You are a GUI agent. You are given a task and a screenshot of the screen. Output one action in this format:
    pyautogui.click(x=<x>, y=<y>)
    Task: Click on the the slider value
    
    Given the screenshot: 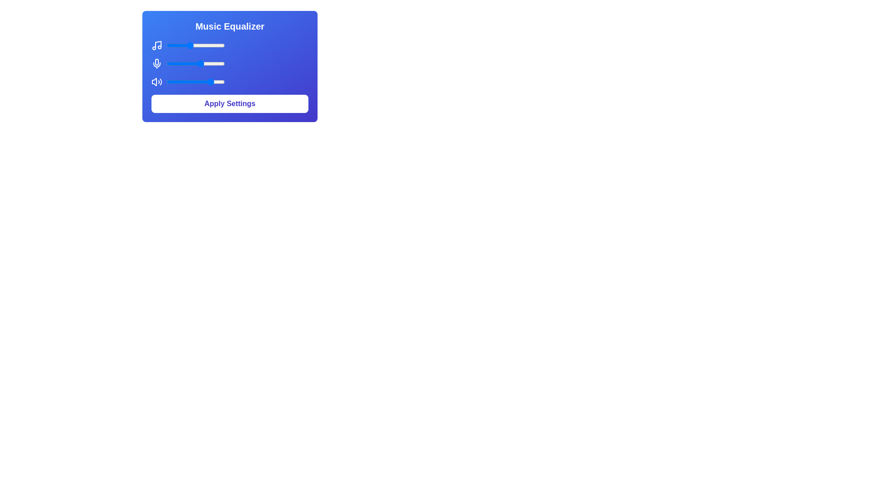 What is the action you would take?
    pyautogui.click(x=197, y=82)
    